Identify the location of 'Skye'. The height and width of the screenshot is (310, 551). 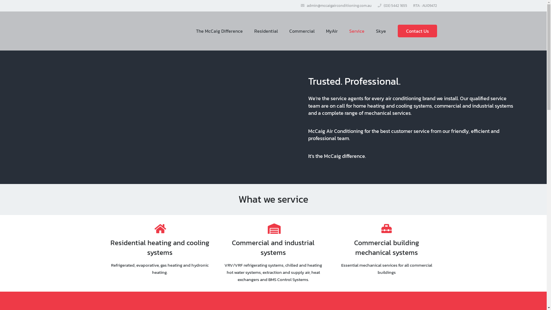
(370, 31).